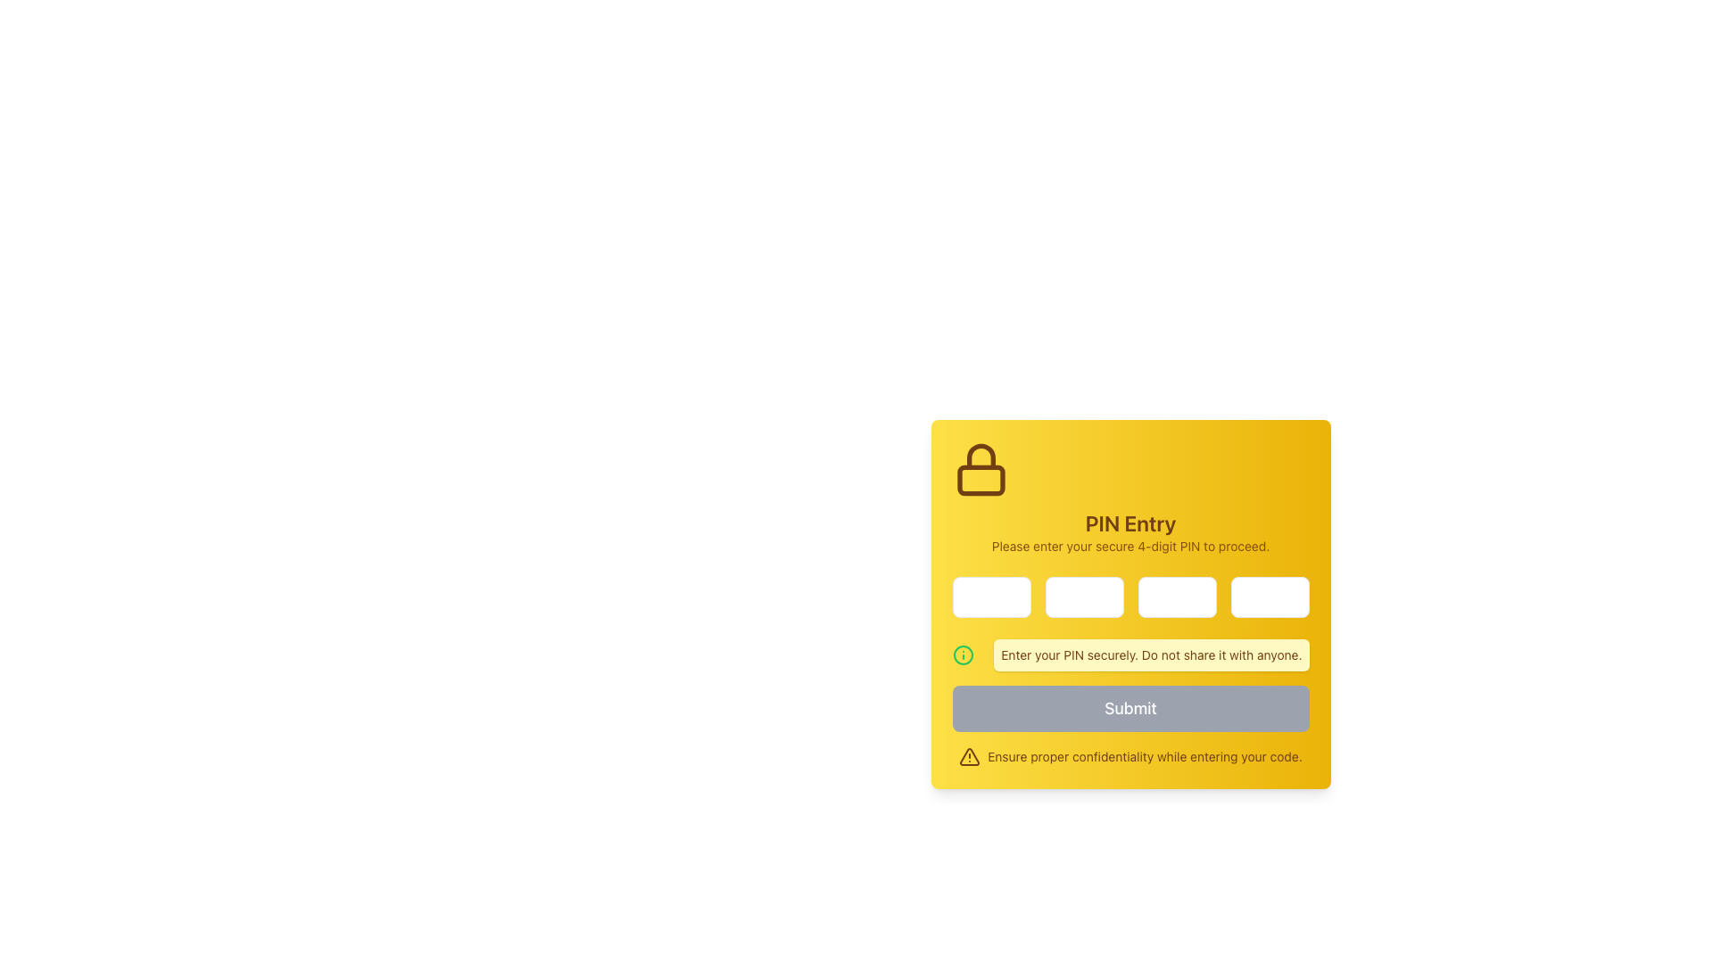 The image size is (1713, 963). What do you see at coordinates (1269, 597) in the screenshot?
I see `the fourth Password Input Field in the golden-colored PIN Entry section to focus on it` at bounding box center [1269, 597].